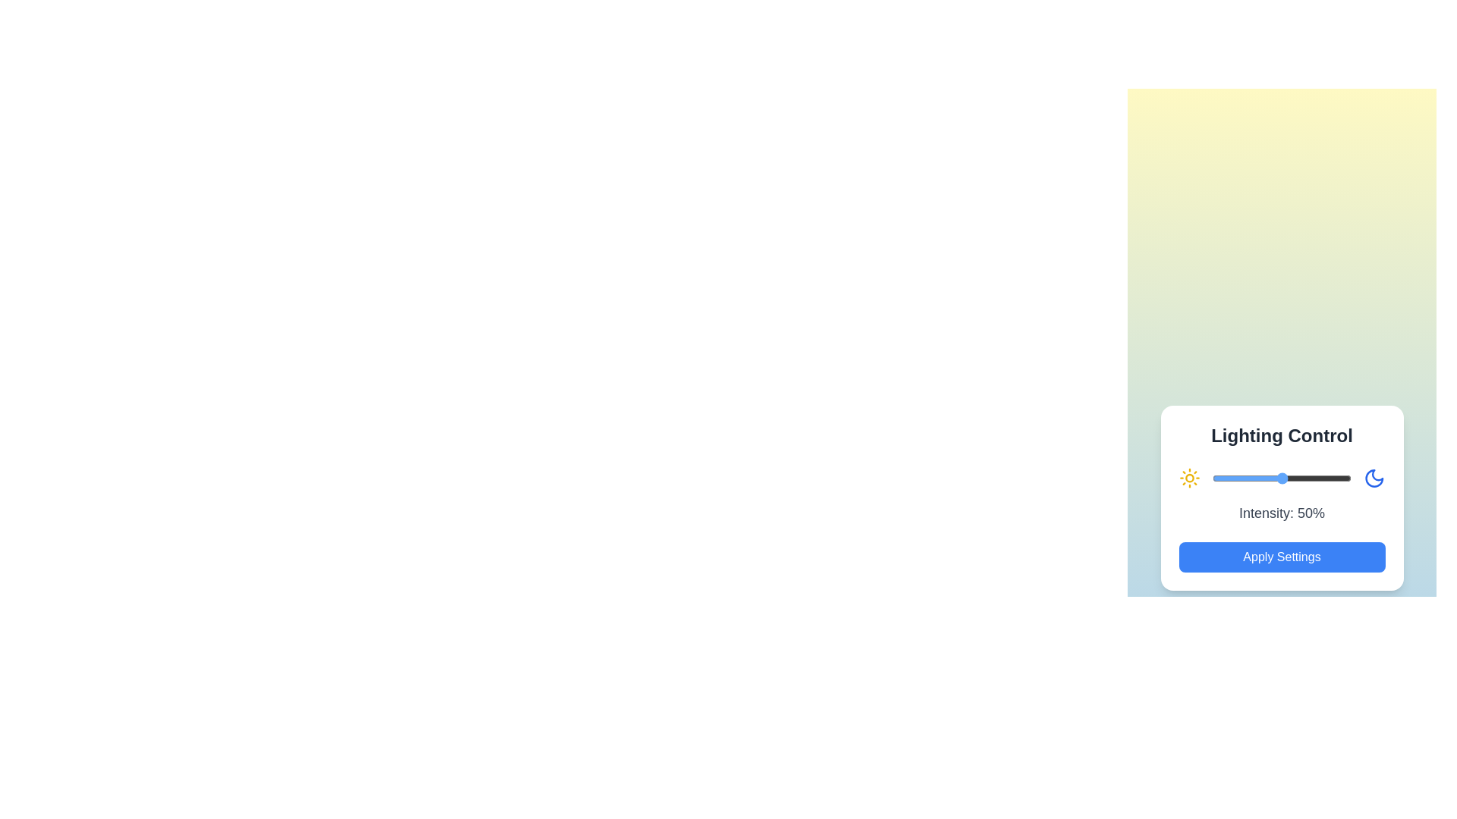 The width and height of the screenshot is (1457, 819). Describe the element at coordinates (1345, 479) in the screenshot. I see `the slider to set the lighting intensity to 96%` at that location.